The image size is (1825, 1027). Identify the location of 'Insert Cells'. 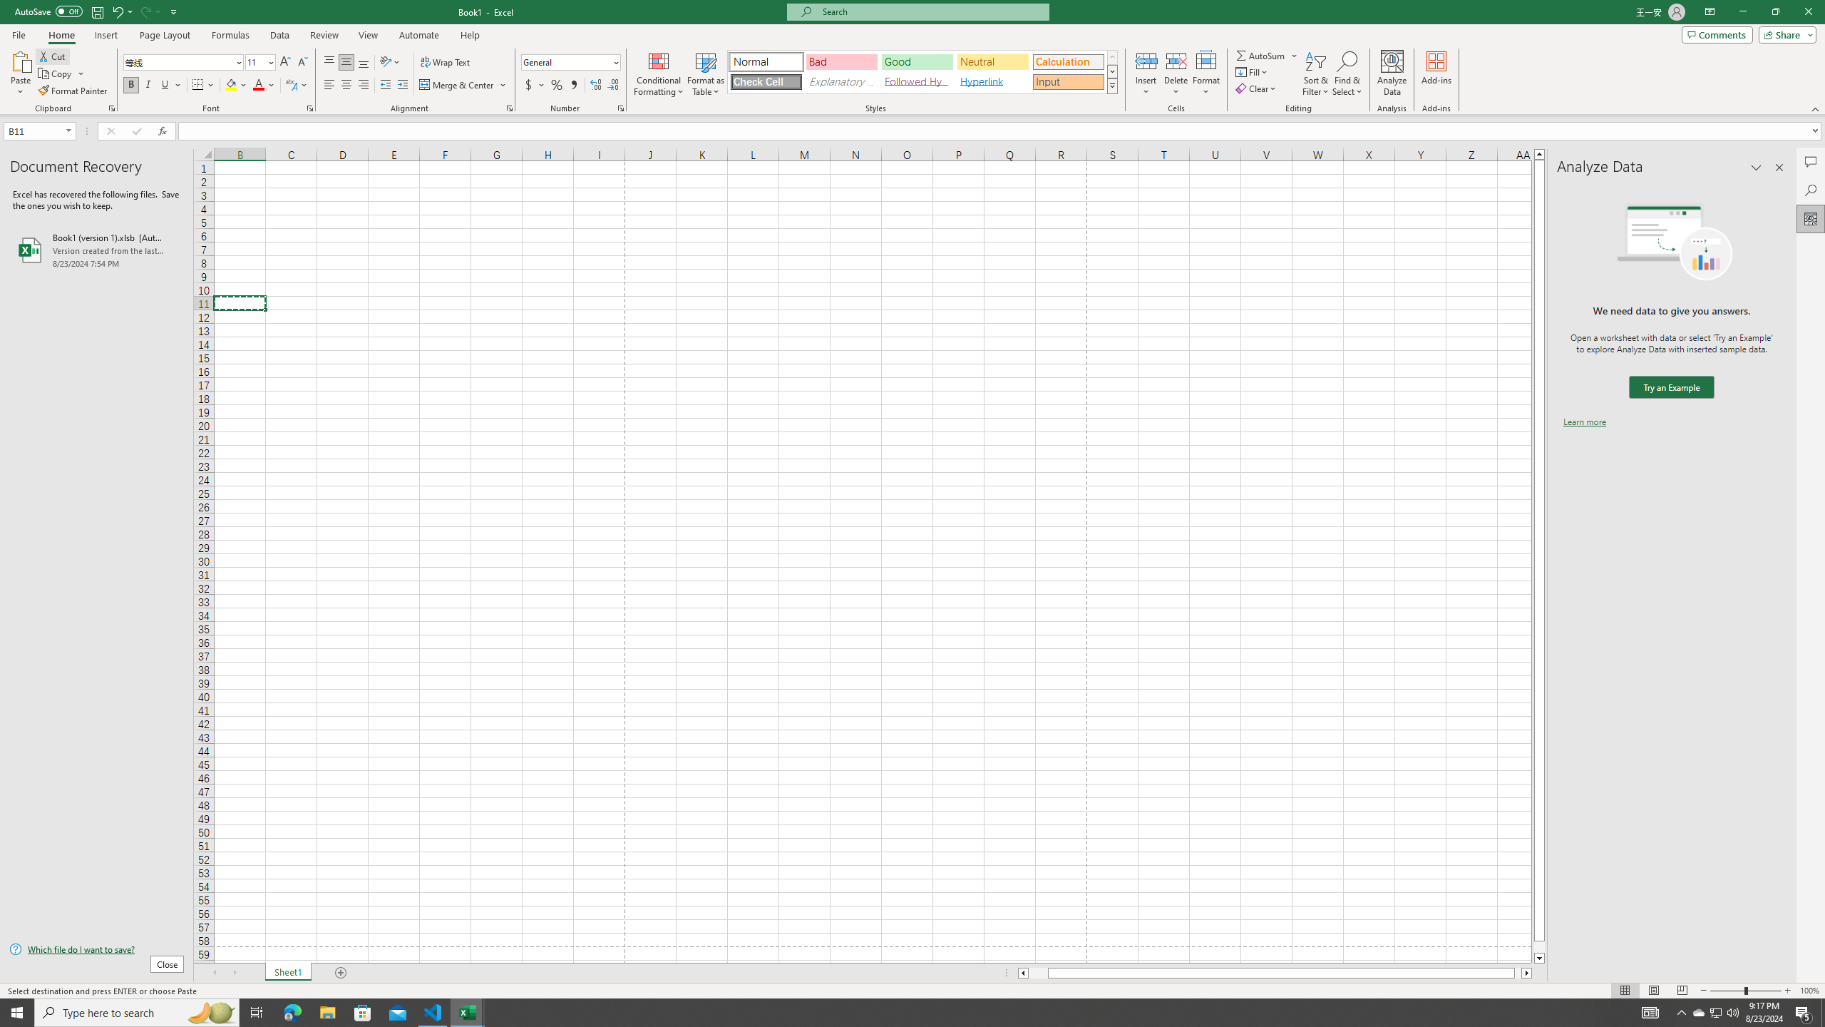
(1145, 60).